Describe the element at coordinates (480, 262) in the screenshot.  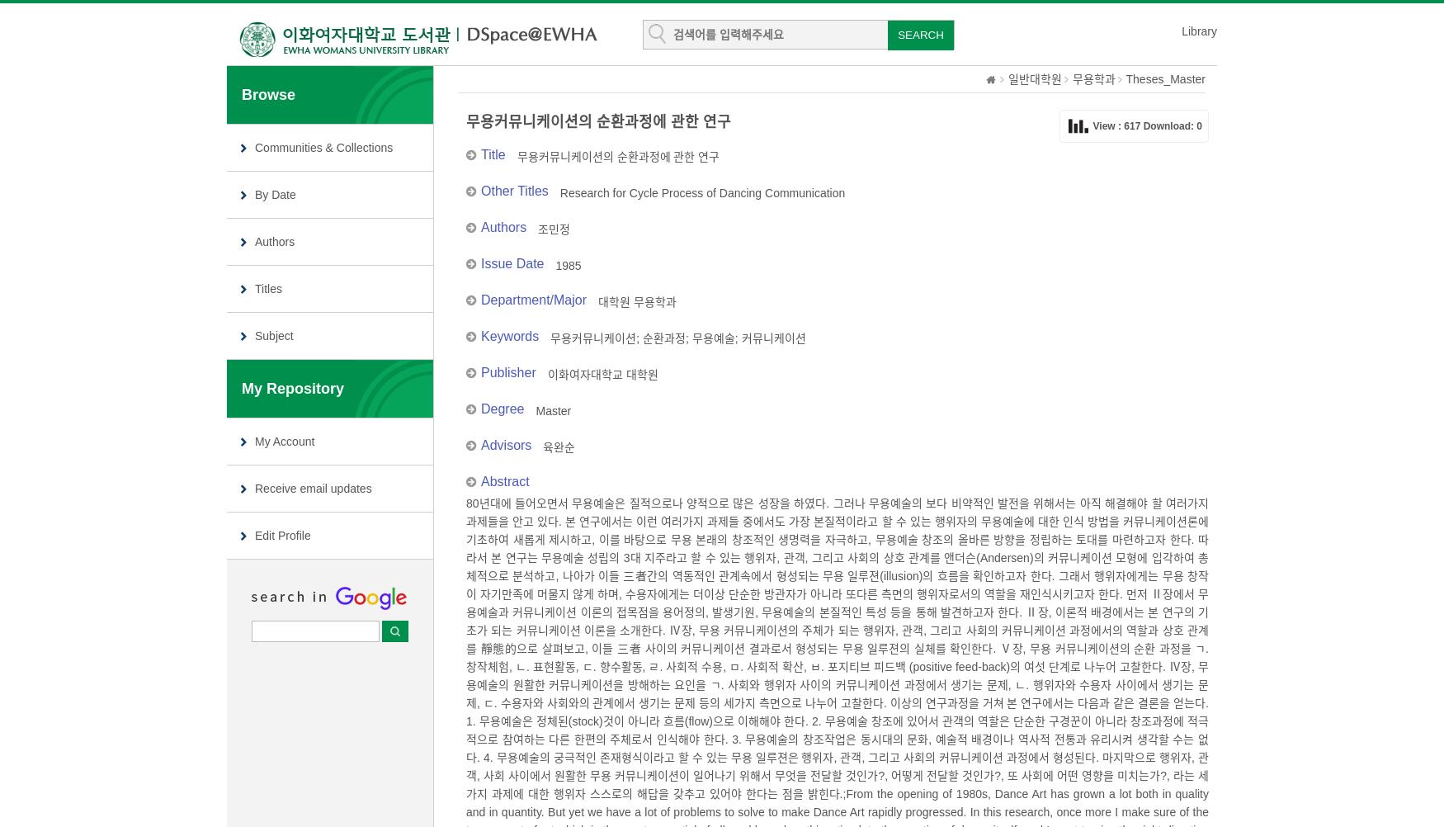
I see `'Issue Date'` at that location.